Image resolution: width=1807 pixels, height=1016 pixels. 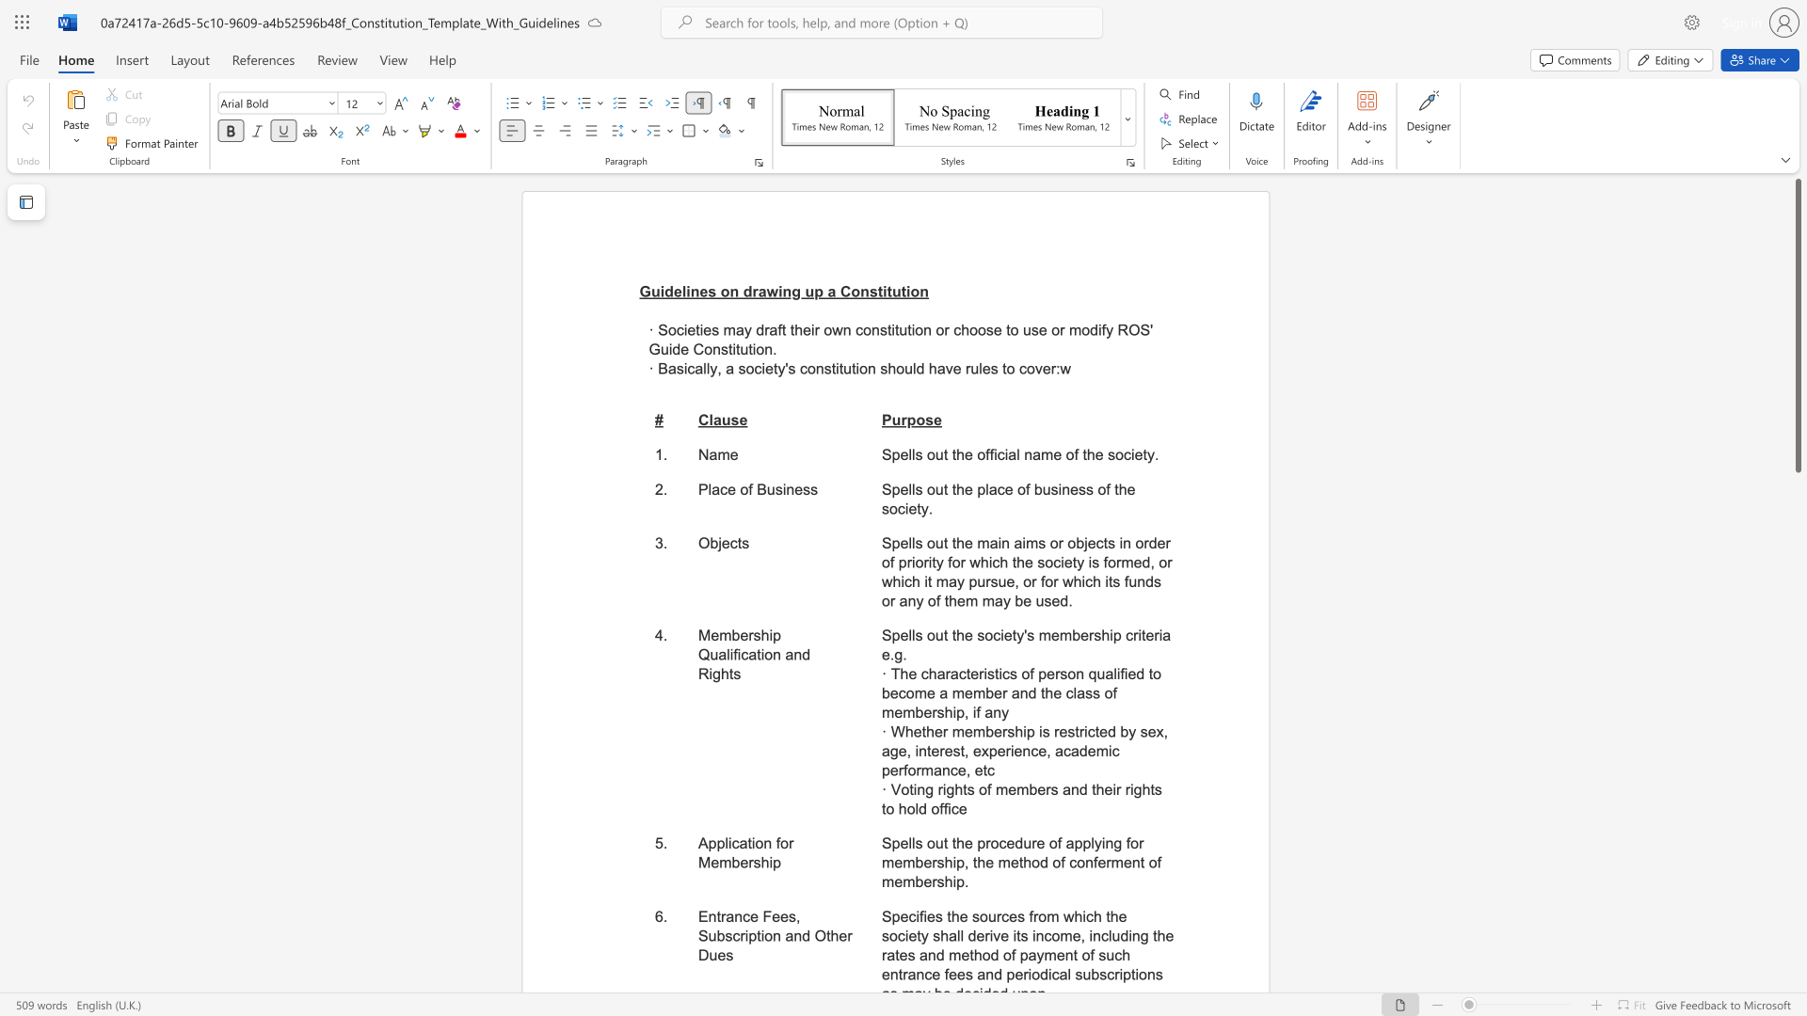 I want to click on the subset text "ide Constitution." within the text "ROS", so click(x=668, y=349).